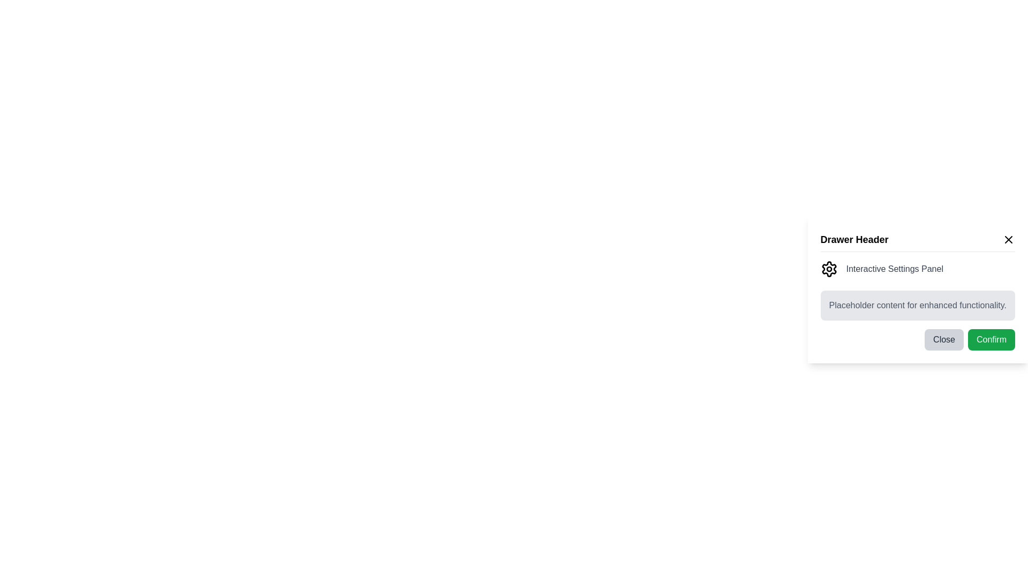  I want to click on the 'X' symbol line element within the SVG graphic, so click(1008, 239).